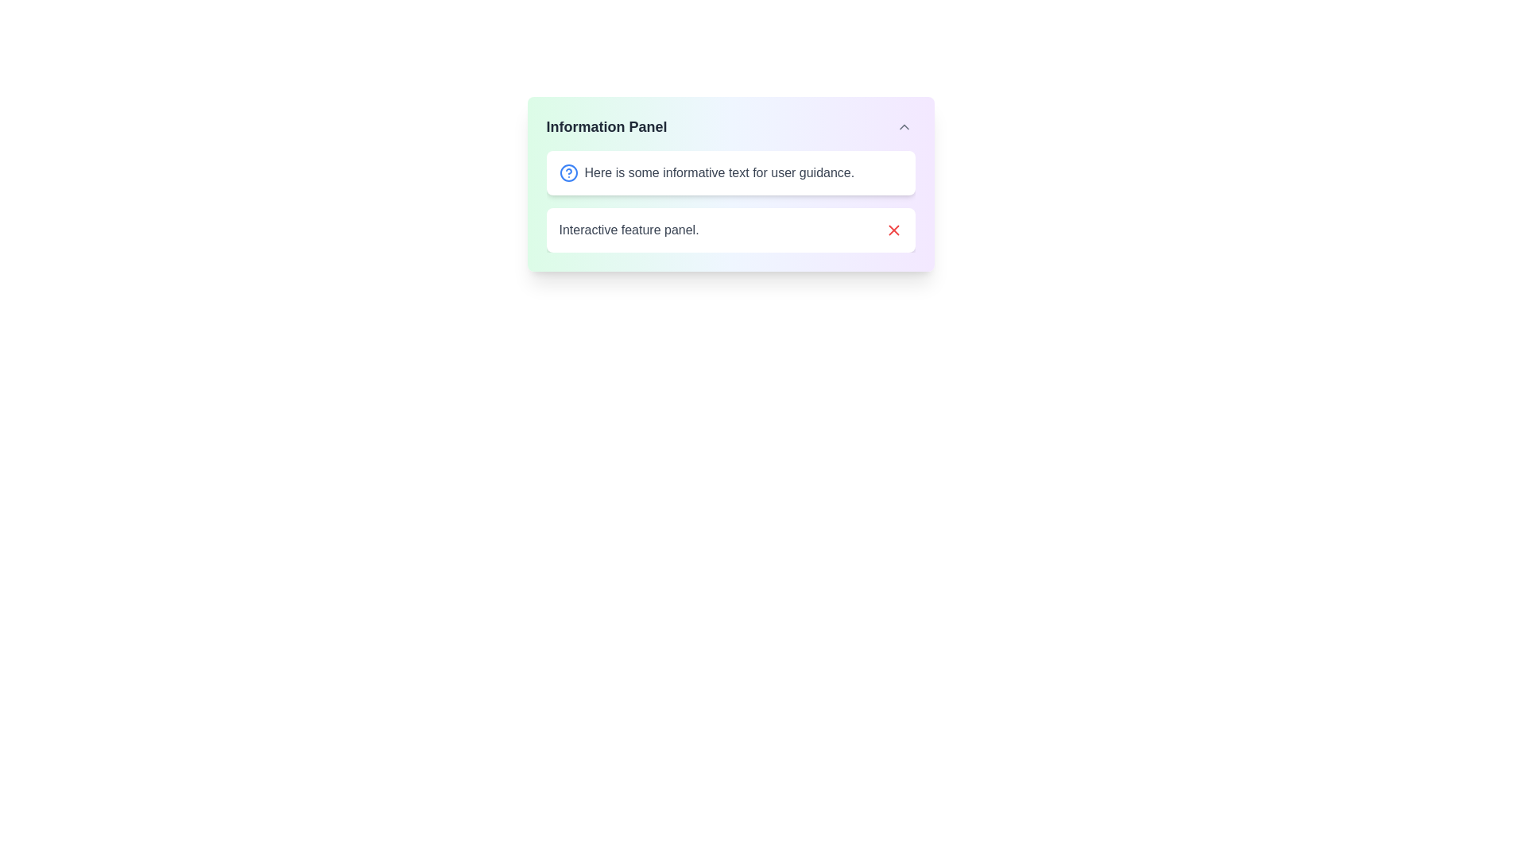 This screenshot has width=1526, height=858. What do you see at coordinates (904, 126) in the screenshot?
I see `the upward-pointing arrow icon in the top-right corner of the 'Information Panel'` at bounding box center [904, 126].